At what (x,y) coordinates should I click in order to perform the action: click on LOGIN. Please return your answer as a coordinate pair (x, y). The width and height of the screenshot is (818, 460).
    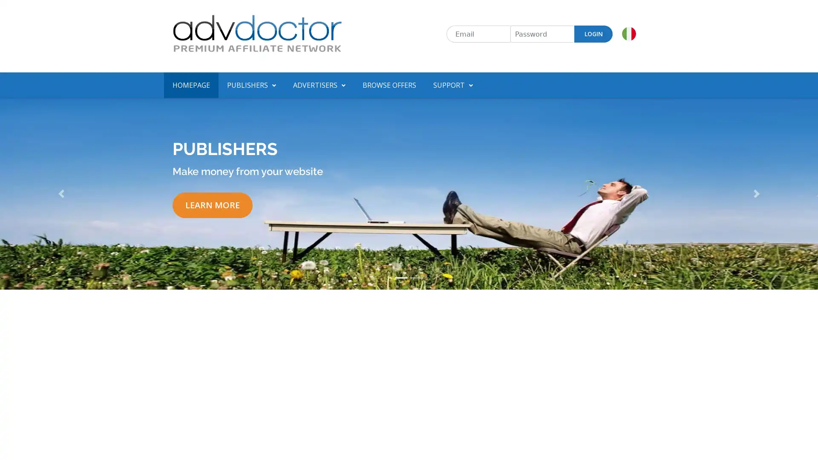
    Looking at the image, I should click on (593, 34).